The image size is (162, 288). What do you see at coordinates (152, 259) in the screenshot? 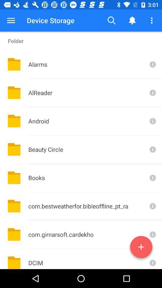
I see `info` at bounding box center [152, 259].